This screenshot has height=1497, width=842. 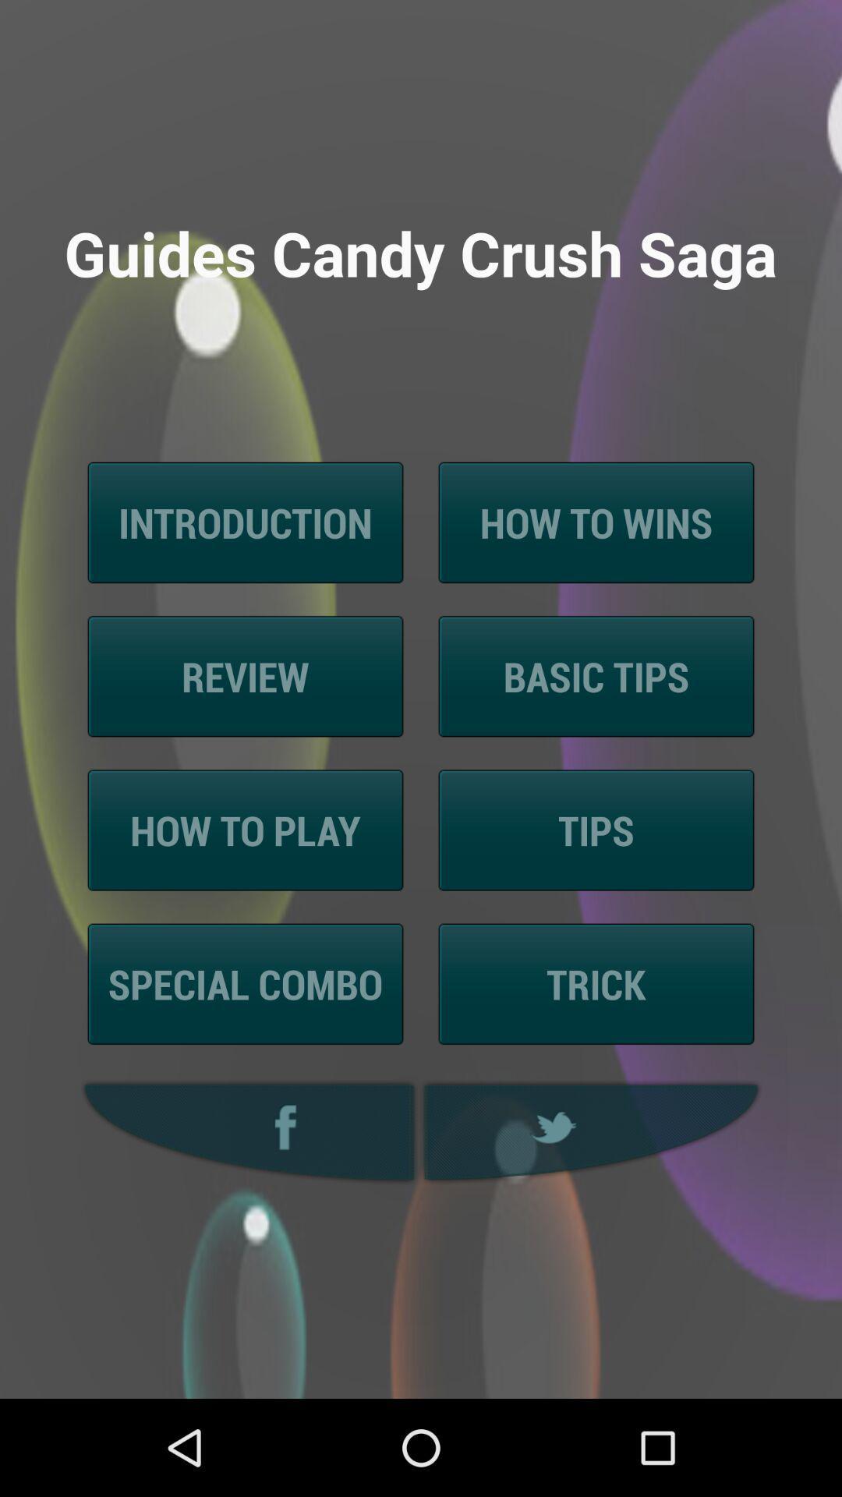 I want to click on review icon, so click(x=246, y=676).